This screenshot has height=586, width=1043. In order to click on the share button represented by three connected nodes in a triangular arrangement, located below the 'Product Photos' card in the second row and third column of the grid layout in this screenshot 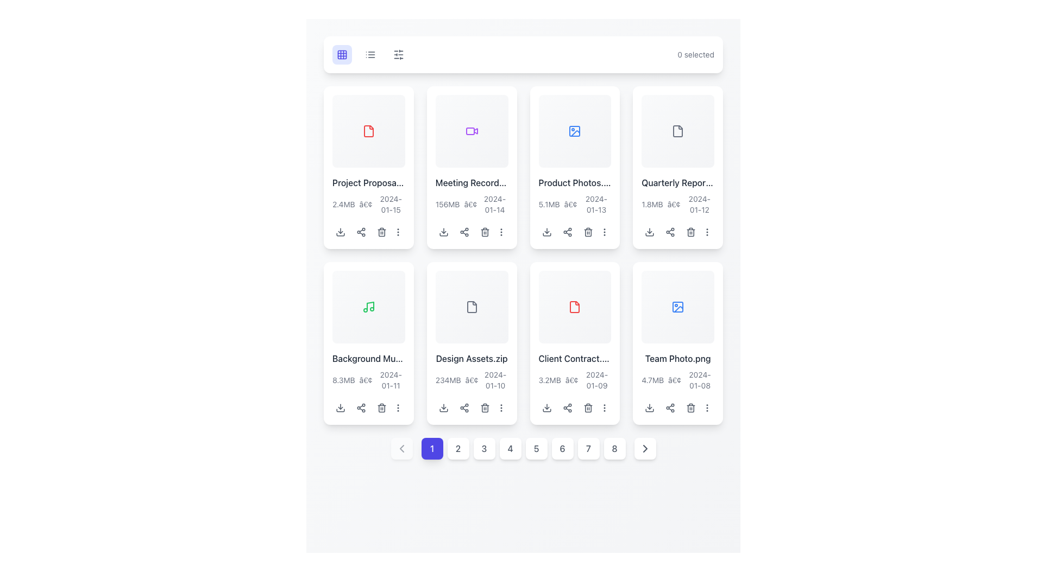, I will do `click(567, 231)`.